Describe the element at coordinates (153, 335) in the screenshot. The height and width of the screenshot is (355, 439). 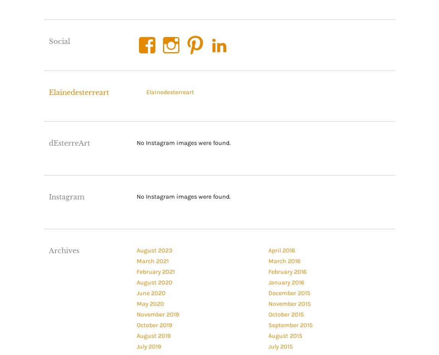
I see `'August 2019'` at that location.